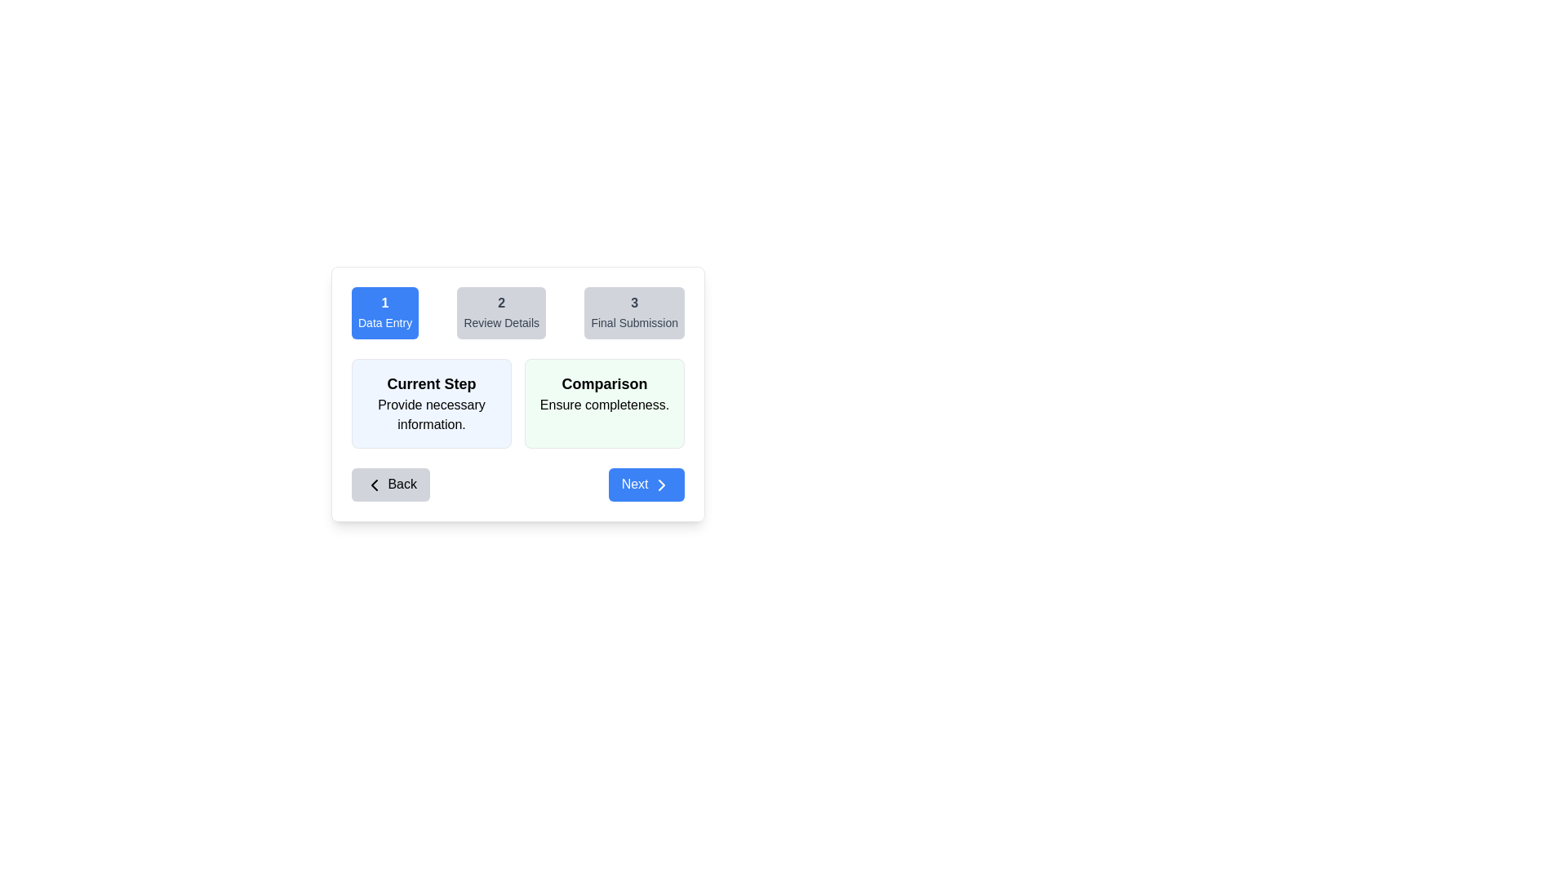  Describe the element at coordinates (384, 313) in the screenshot. I see `the first step indicator button with a blue background and white text labeled '1' and 'Data Entry' to proceed to the Data Entry step` at that location.